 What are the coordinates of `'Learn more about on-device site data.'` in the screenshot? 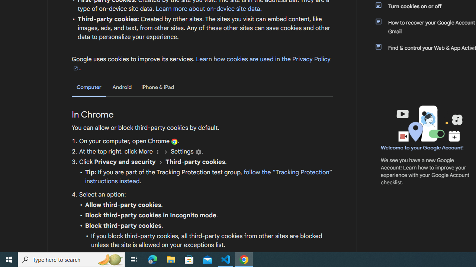 It's located at (208, 9).